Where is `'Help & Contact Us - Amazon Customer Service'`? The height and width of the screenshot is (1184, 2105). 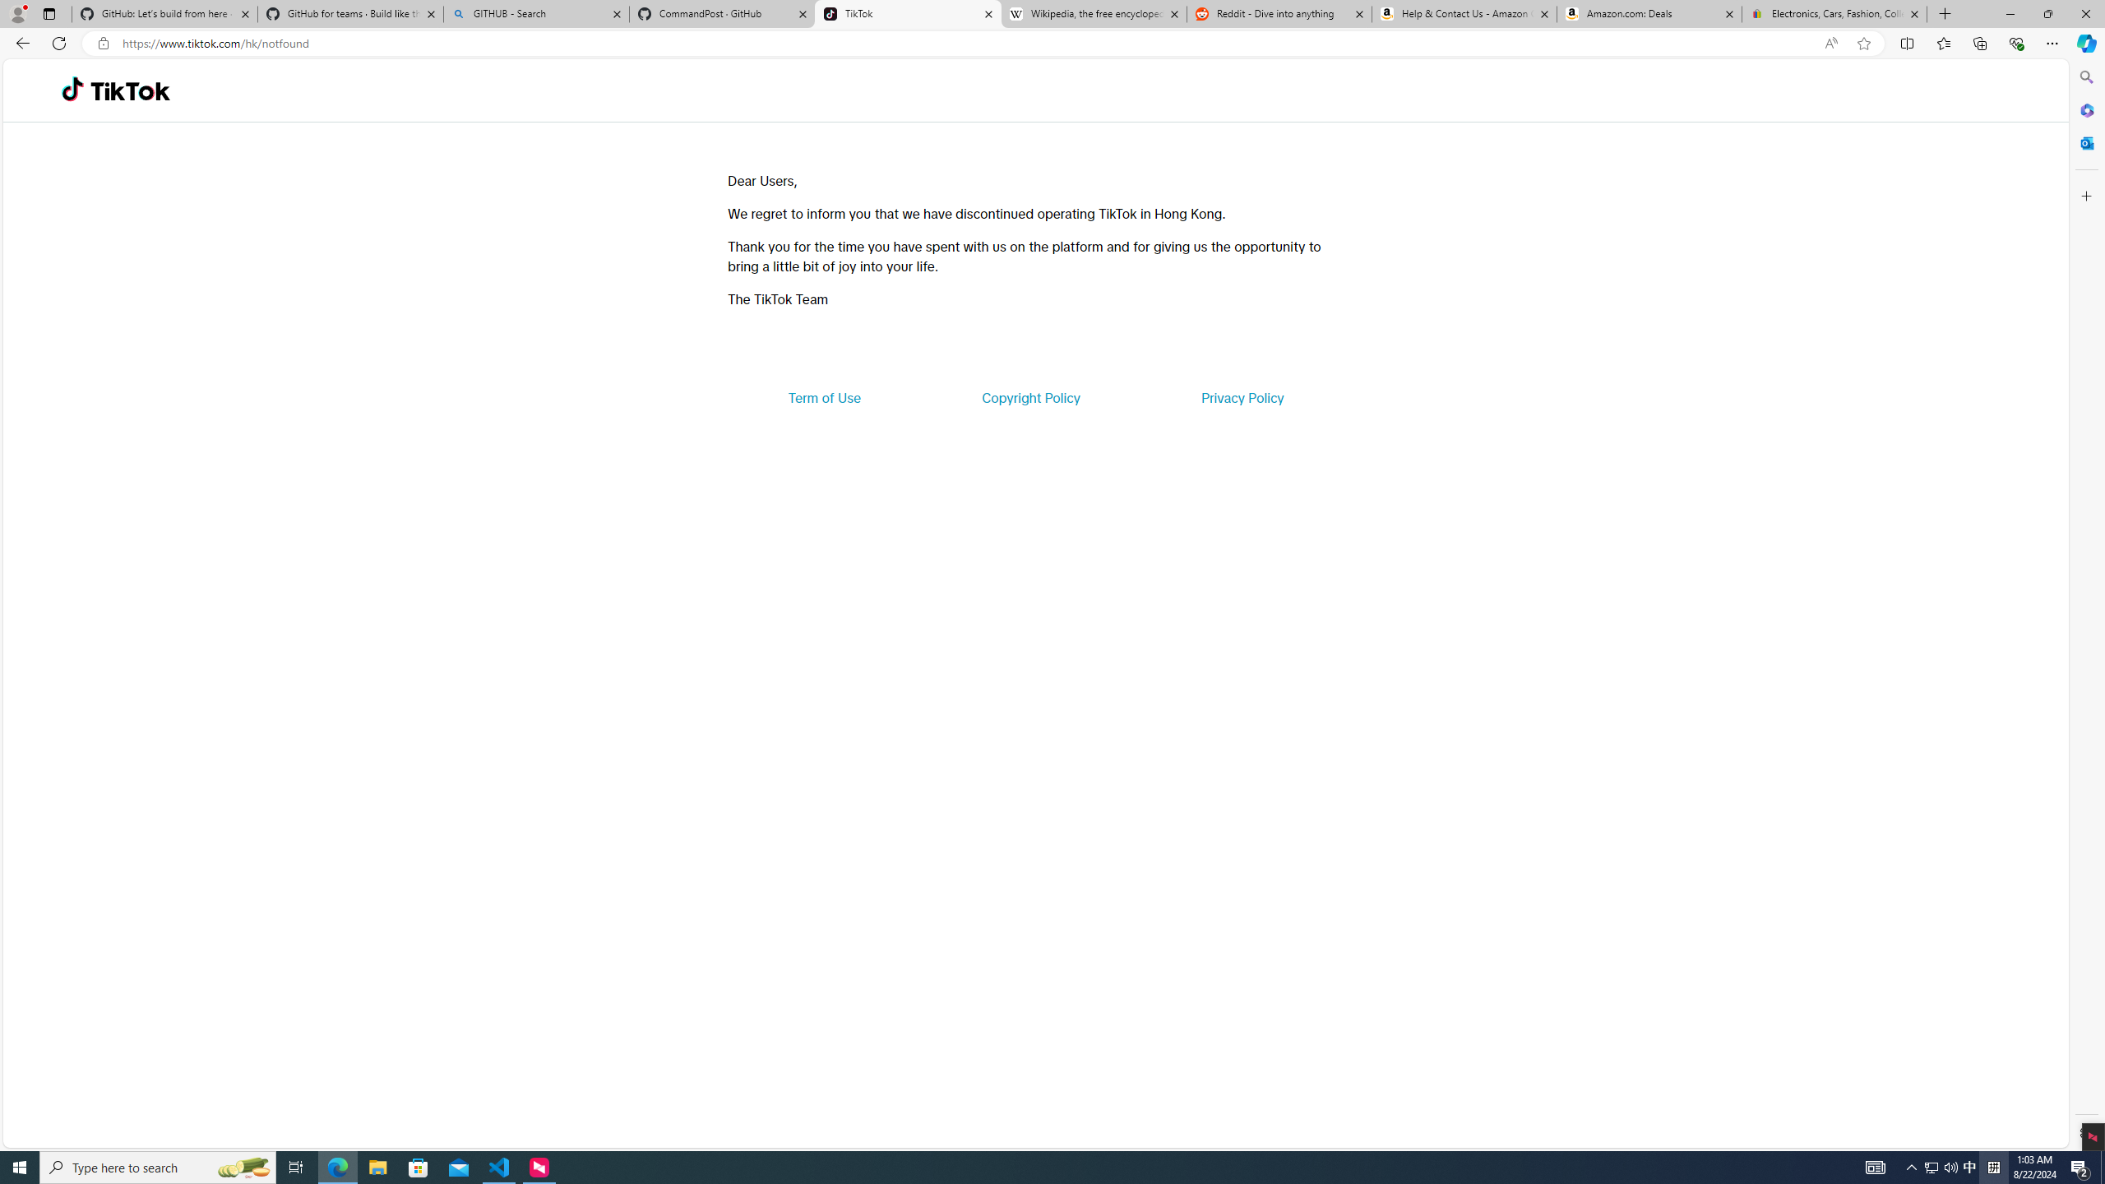
'Help & Contact Us - Amazon Customer Service' is located at coordinates (1464, 13).